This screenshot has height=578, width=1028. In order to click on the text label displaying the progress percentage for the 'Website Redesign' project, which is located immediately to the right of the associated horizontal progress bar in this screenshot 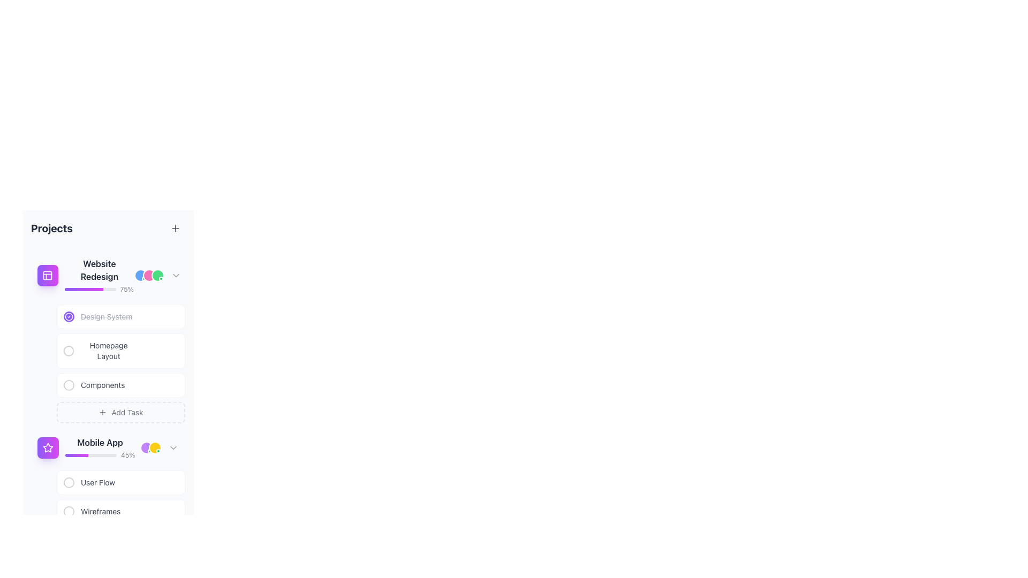, I will do `click(127, 289)`.